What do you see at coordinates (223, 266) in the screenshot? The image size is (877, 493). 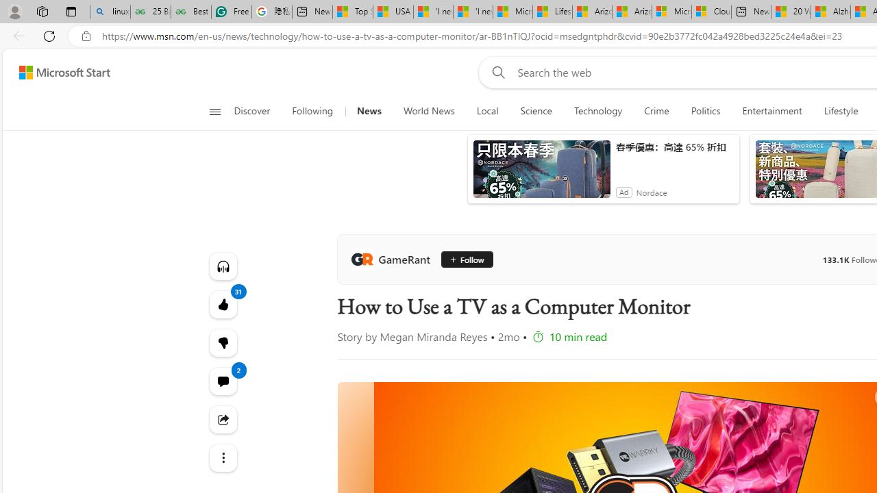 I see `'Listen to this article'` at bounding box center [223, 266].